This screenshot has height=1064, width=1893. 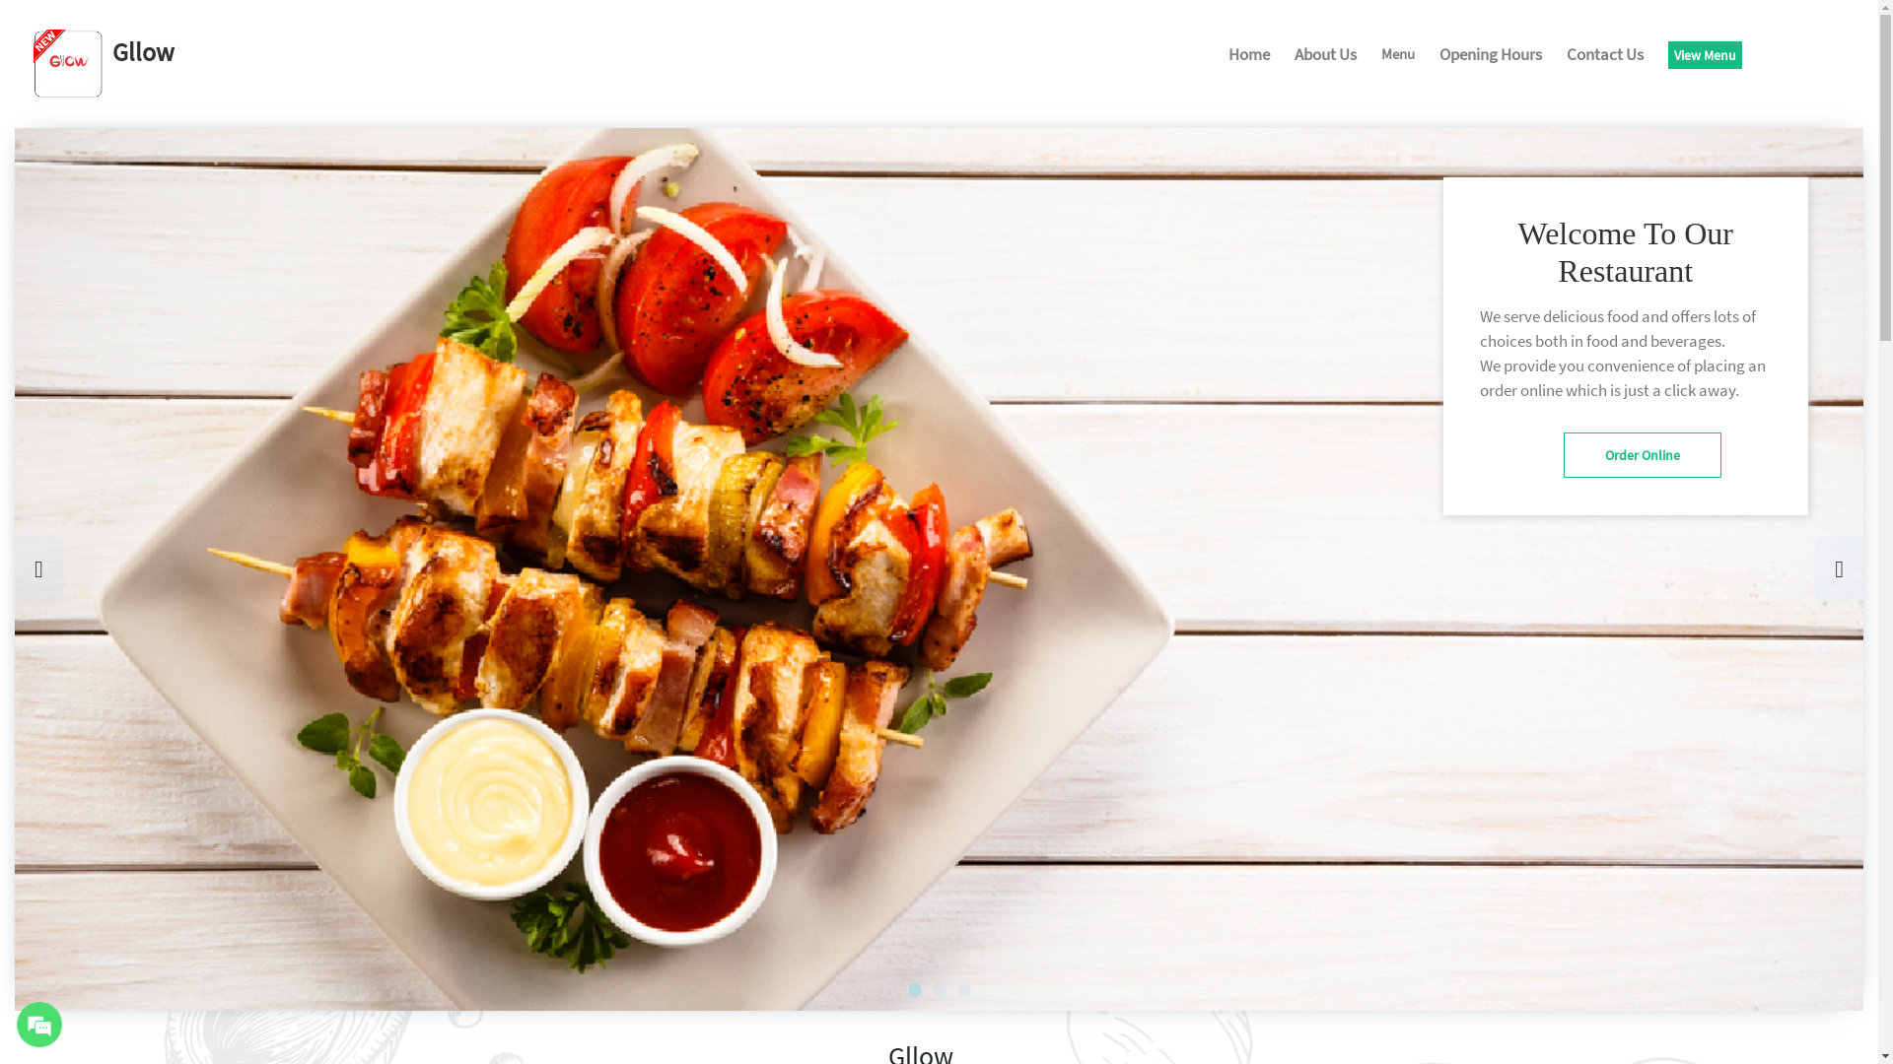 I want to click on 'Contact Us', so click(x=1604, y=55).